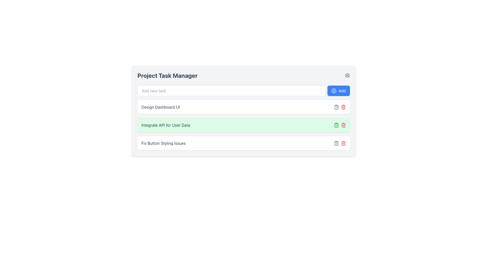  Describe the element at coordinates (336, 107) in the screenshot. I see `the icon button resembling a document with a list, positioned to the left of the red trash bin icon in the task entry row, to change its color to blue` at that location.